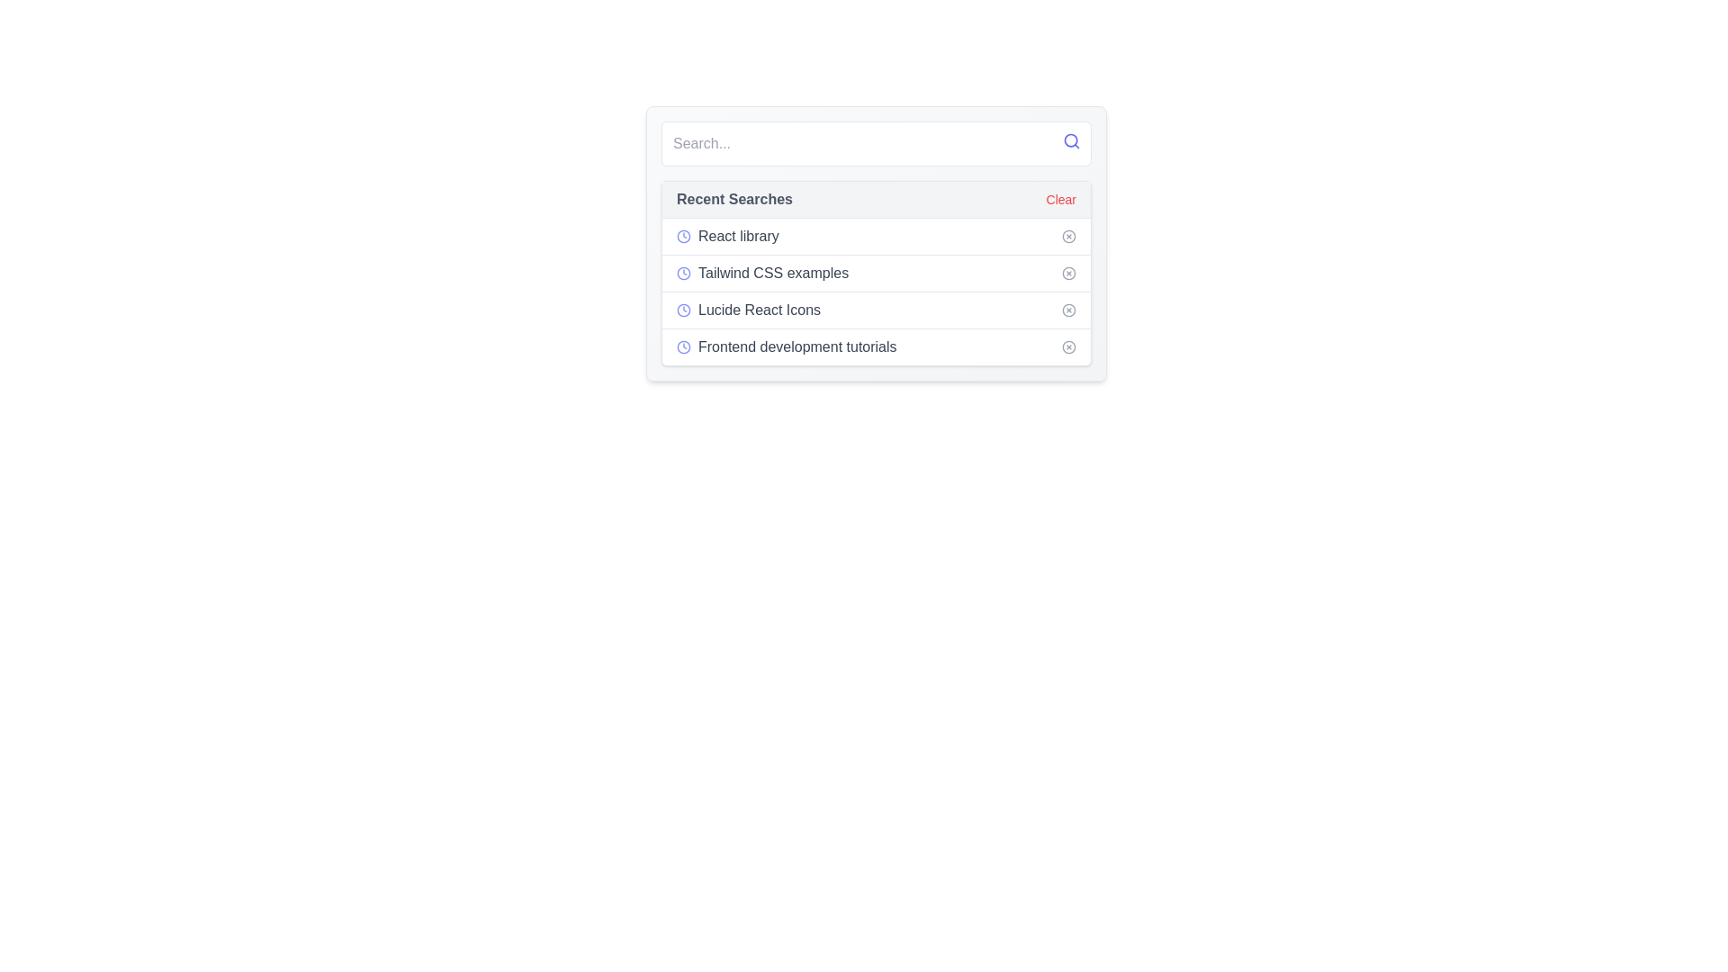 Image resolution: width=1728 pixels, height=972 pixels. Describe the element at coordinates (1069, 309) in the screenshot. I see `the circular graphic element that indicates a close or cancel action, located adjacent to the text 'Lucide React Icons'` at that location.